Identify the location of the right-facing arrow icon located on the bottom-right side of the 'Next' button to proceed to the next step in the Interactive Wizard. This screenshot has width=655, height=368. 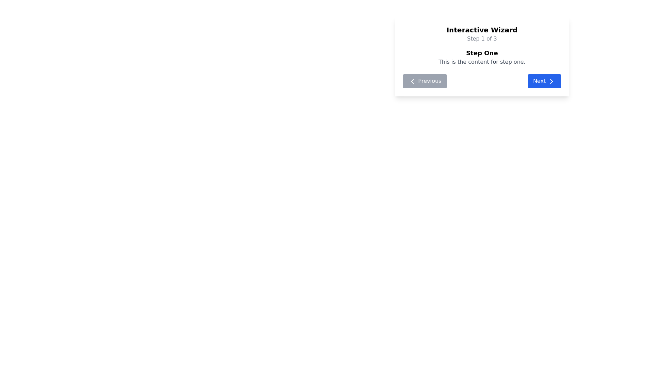
(552, 81).